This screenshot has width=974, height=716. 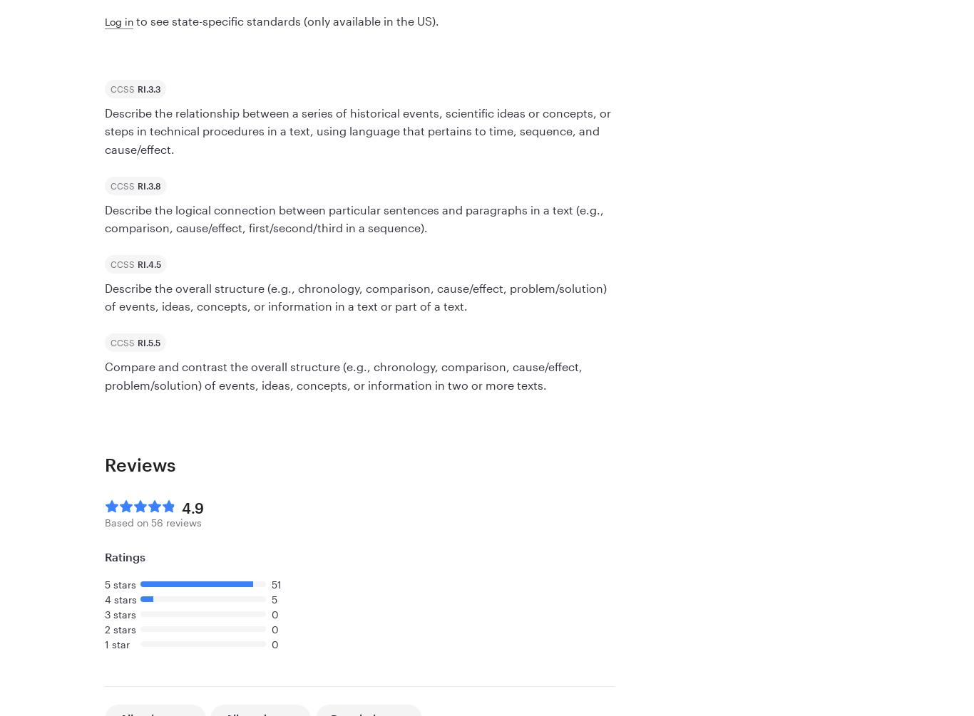 I want to click on 'to see state-specific standards (only available in the US).', so click(x=285, y=21).